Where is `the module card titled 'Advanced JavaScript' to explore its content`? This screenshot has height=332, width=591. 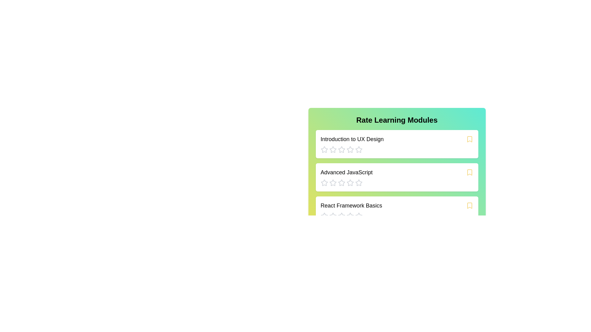 the module card titled 'Advanced JavaScript' to explore its content is located at coordinates (397, 177).